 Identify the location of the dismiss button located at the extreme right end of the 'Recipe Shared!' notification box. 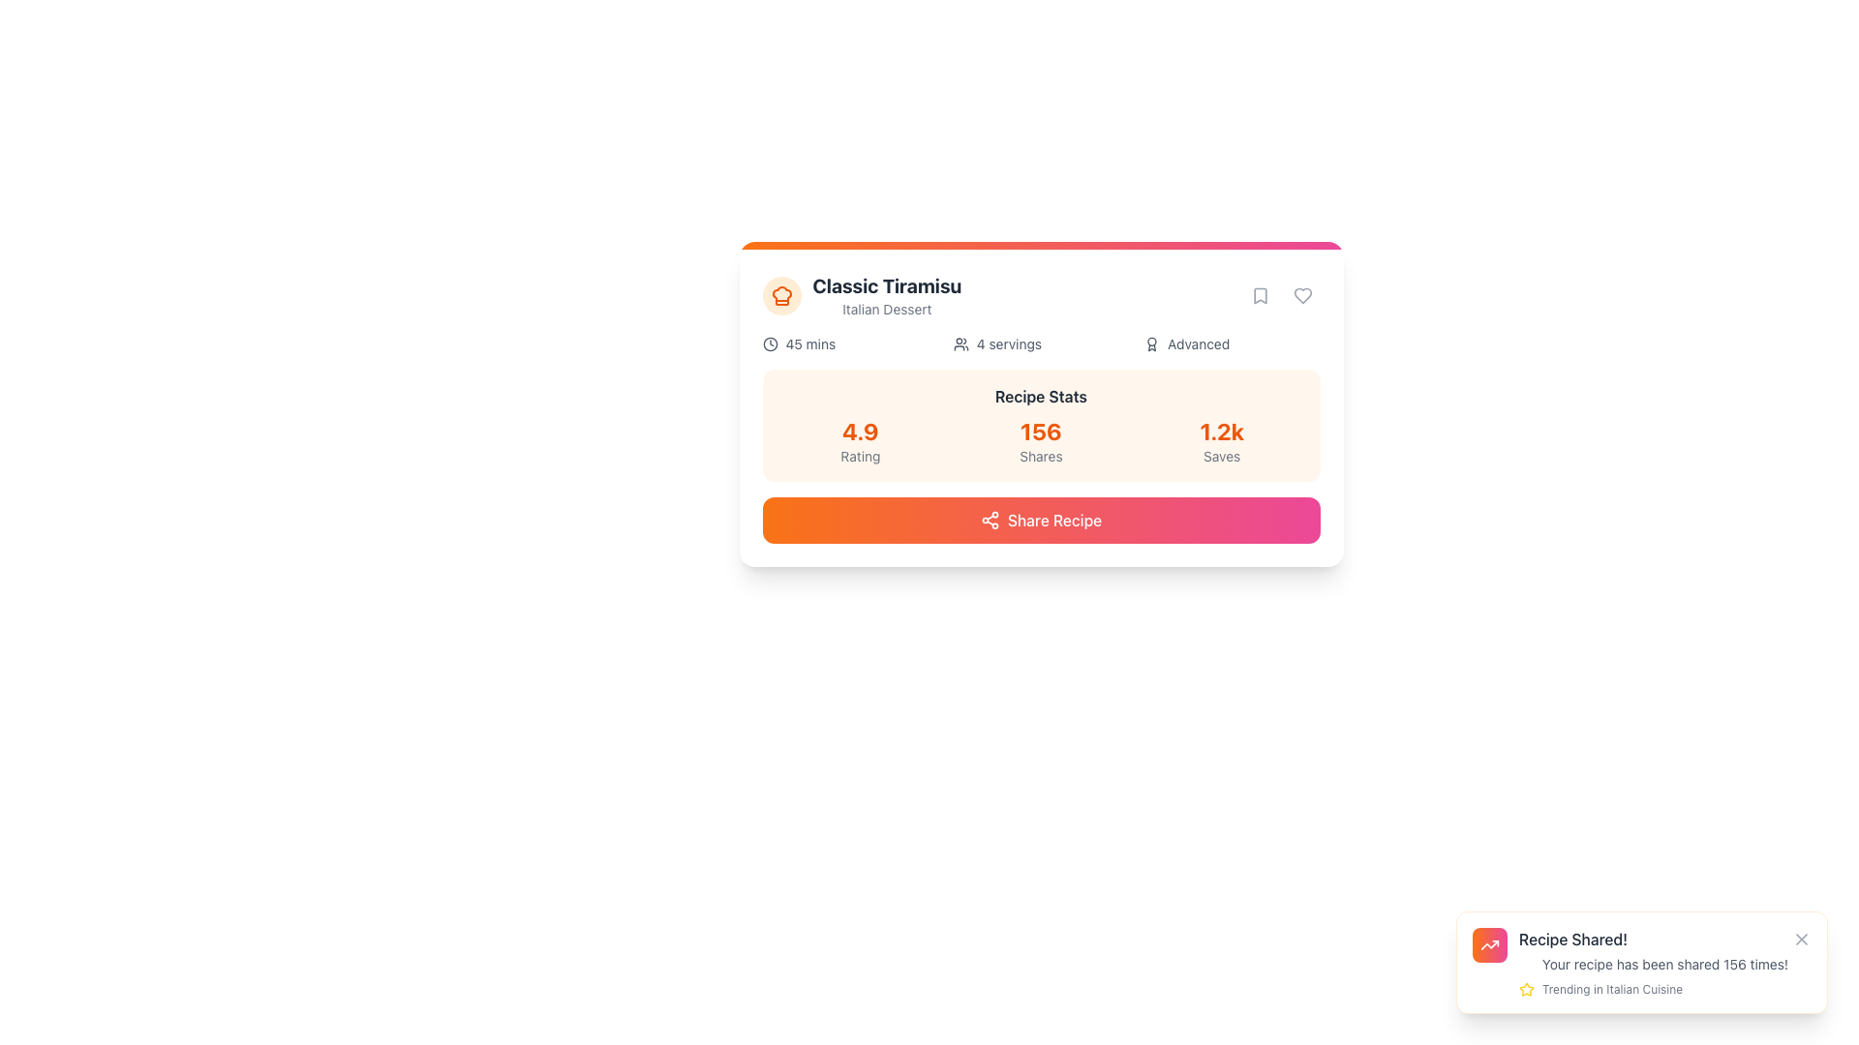
(1801, 939).